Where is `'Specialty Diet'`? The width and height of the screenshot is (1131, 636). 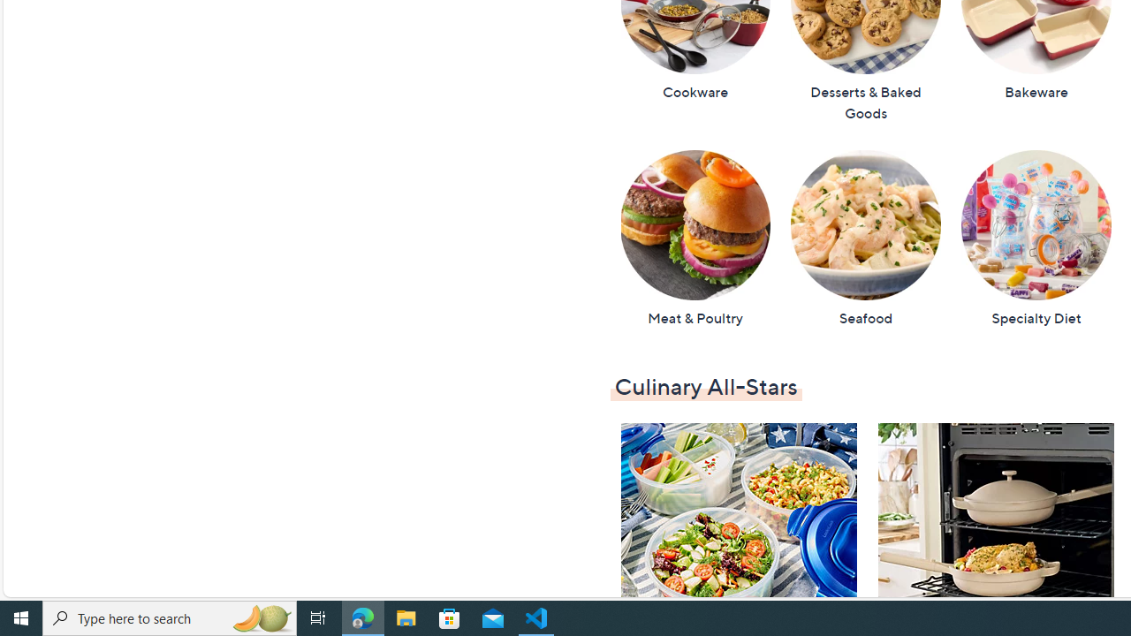 'Specialty Diet' is located at coordinates (1036, 238).